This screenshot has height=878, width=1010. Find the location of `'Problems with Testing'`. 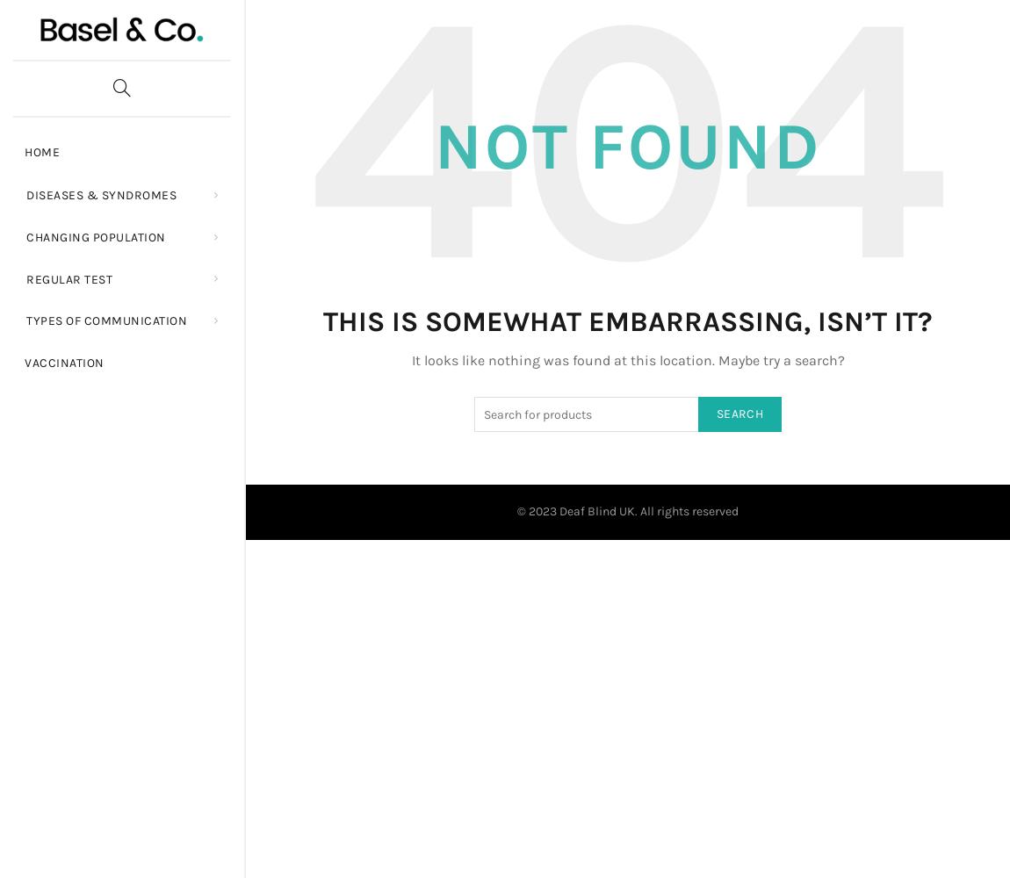

'Problems with Testing' is located at coordinates (281, 291).